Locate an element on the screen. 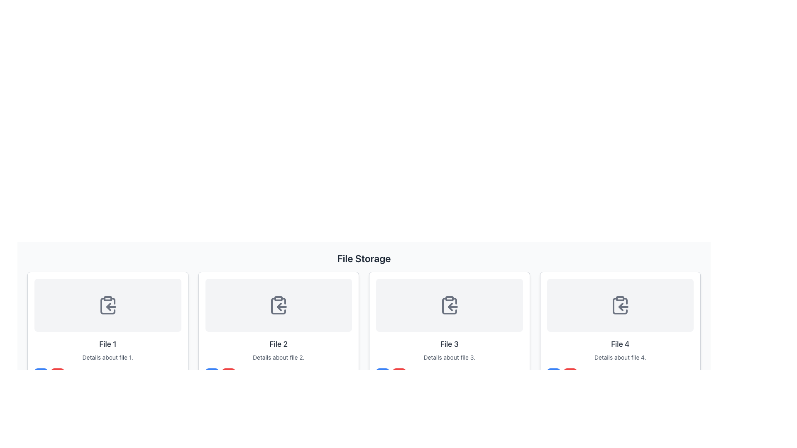  the text of the label indicating the name or title of the file represented by the clipboard icon in the second card of the horizontal list for copying is located at coordinates (279, 344).